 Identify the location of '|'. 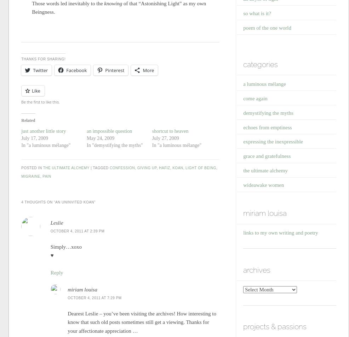
(92, 168).